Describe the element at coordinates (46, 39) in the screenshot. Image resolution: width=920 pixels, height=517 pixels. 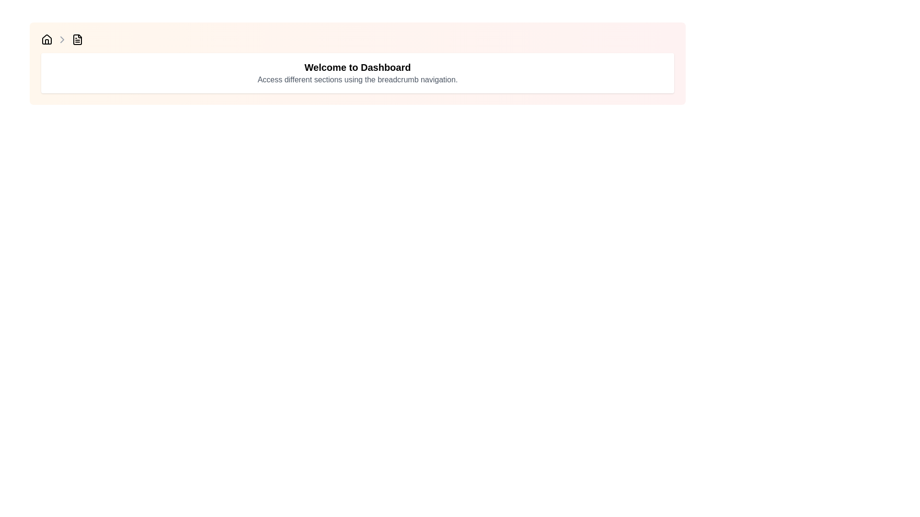
I see `the home icon button located at the far left of the breadcrumb header bar` at that location.